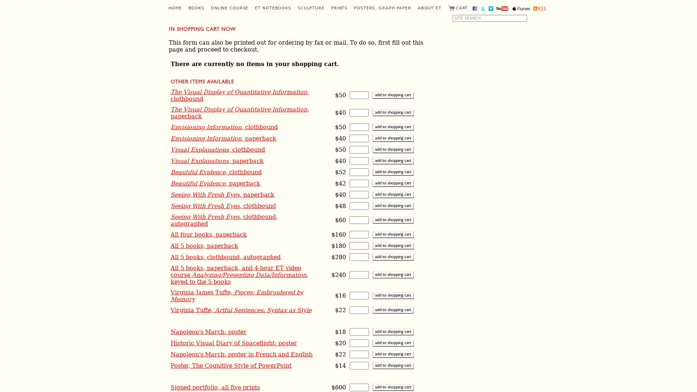 The width and height of the screenshot is (697, 392). Describe the element at coordinates (393, 274) in the screenshot. I see `add to shopping cart` at that location.